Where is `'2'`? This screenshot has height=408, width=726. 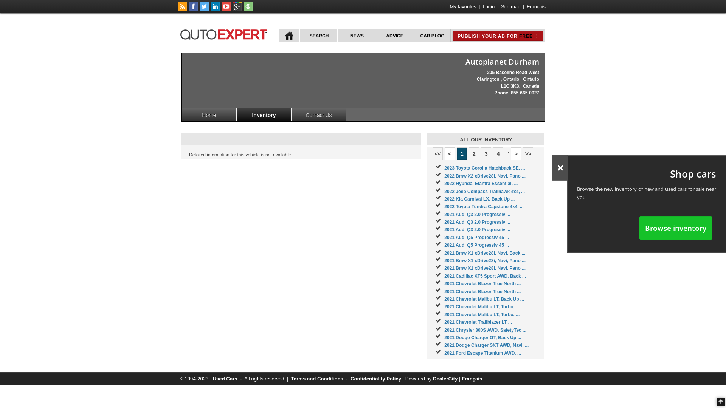 '2' is located at coordinates (473, 153).